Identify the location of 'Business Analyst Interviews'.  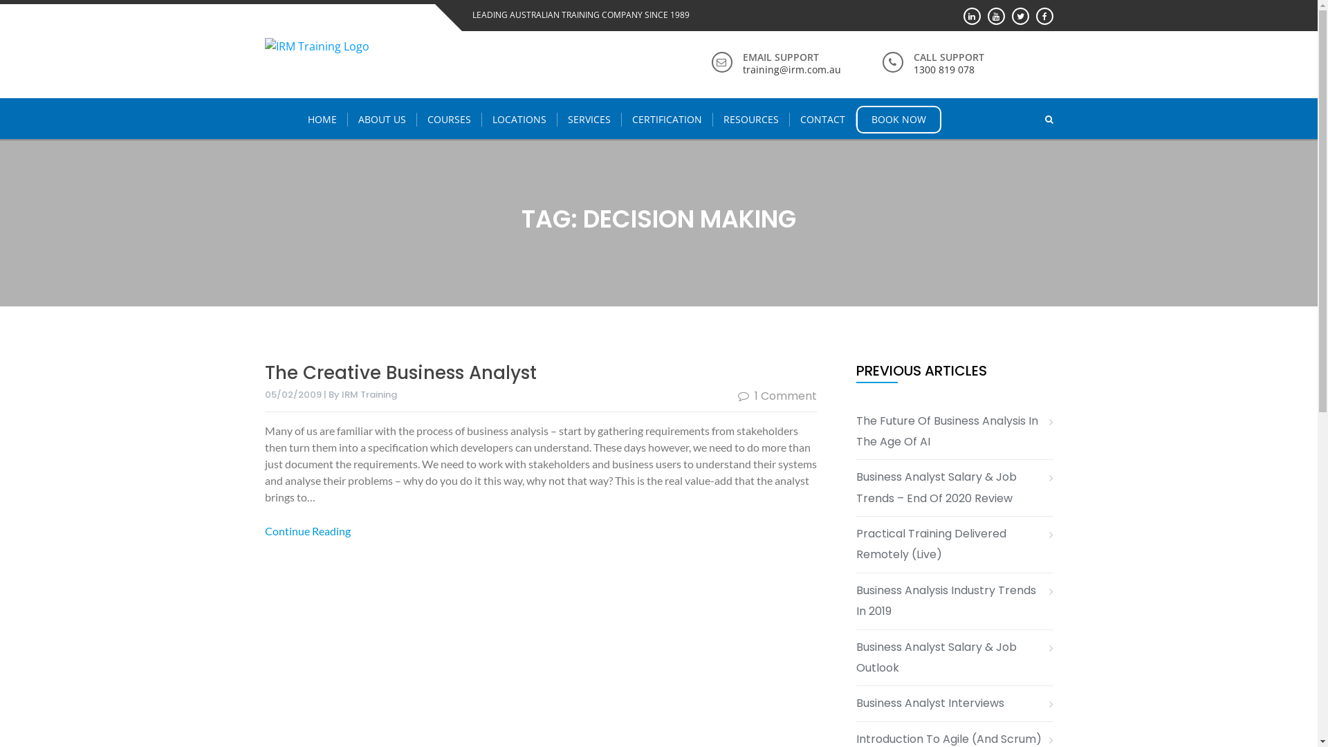
(935, 703).